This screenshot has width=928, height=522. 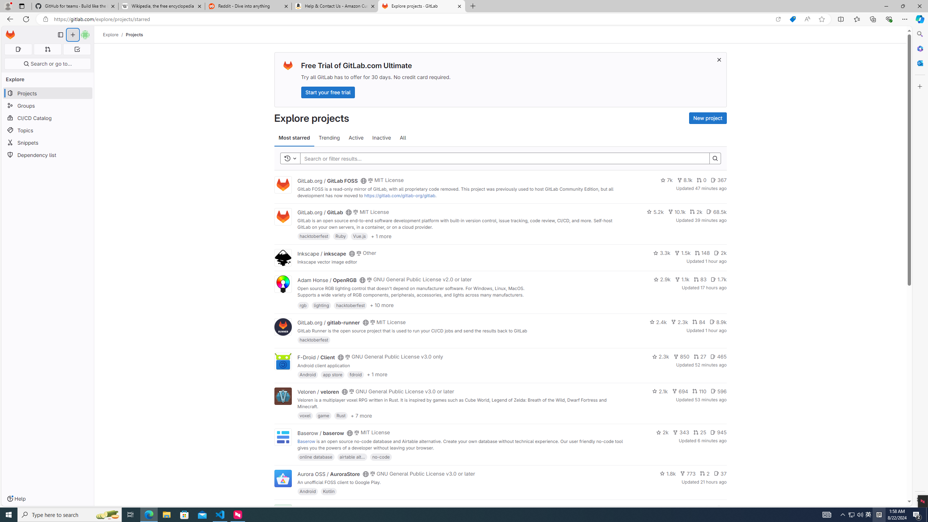 I want to click on 'Topics', so click(x=47, y=130).